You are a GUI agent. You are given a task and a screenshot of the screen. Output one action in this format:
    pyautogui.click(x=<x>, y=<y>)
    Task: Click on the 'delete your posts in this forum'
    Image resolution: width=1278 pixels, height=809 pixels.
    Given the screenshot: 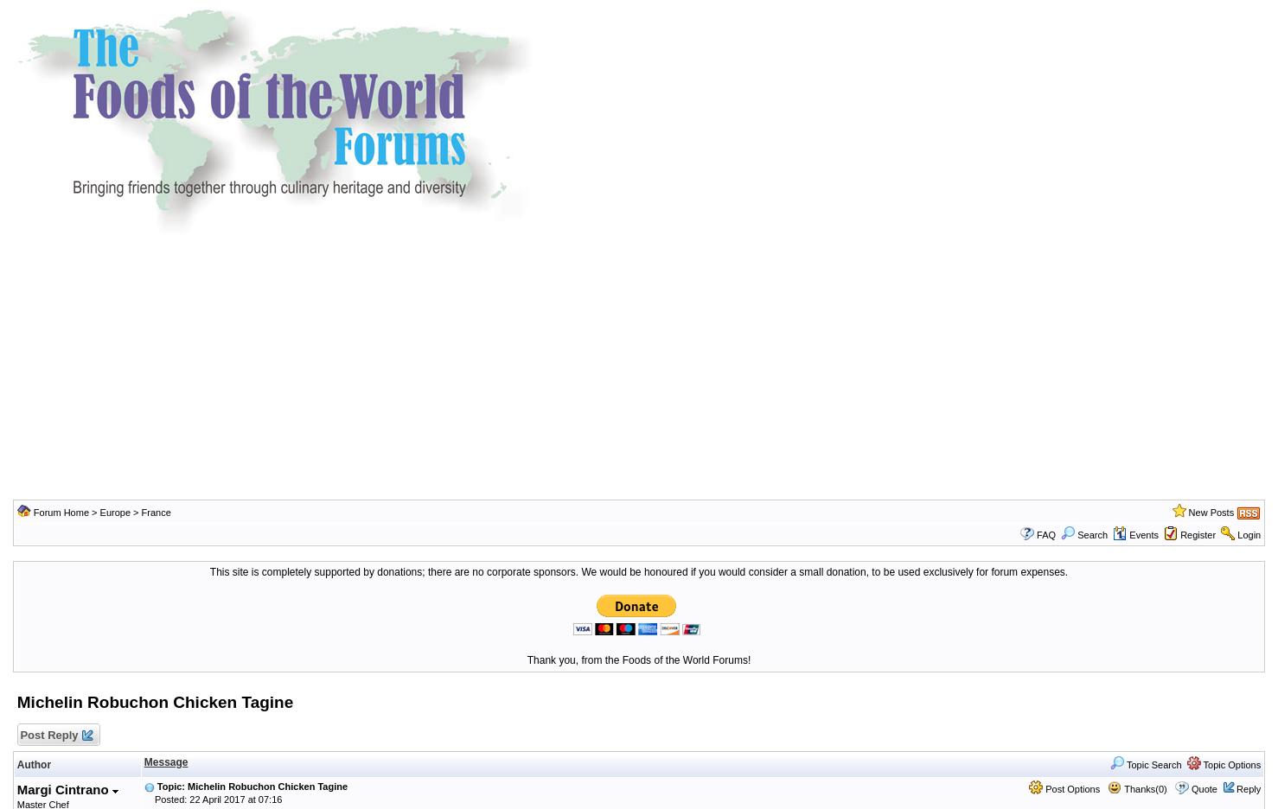 What is the action you would take?
    pyautogui.click(x=115, y=30)
    